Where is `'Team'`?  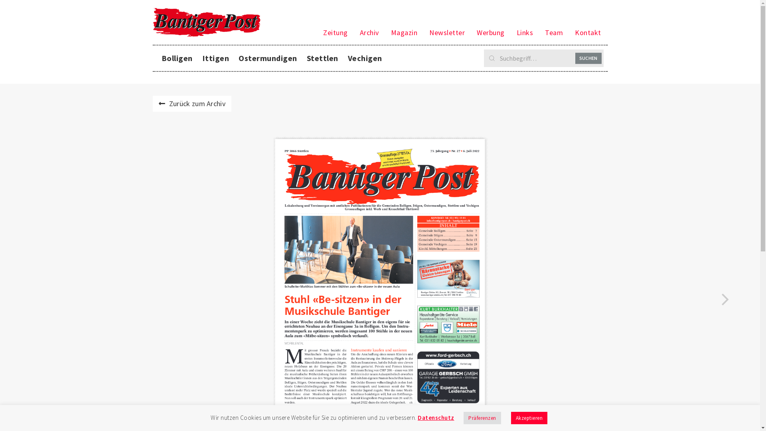 'Team' is located at coordinates (553, 32).